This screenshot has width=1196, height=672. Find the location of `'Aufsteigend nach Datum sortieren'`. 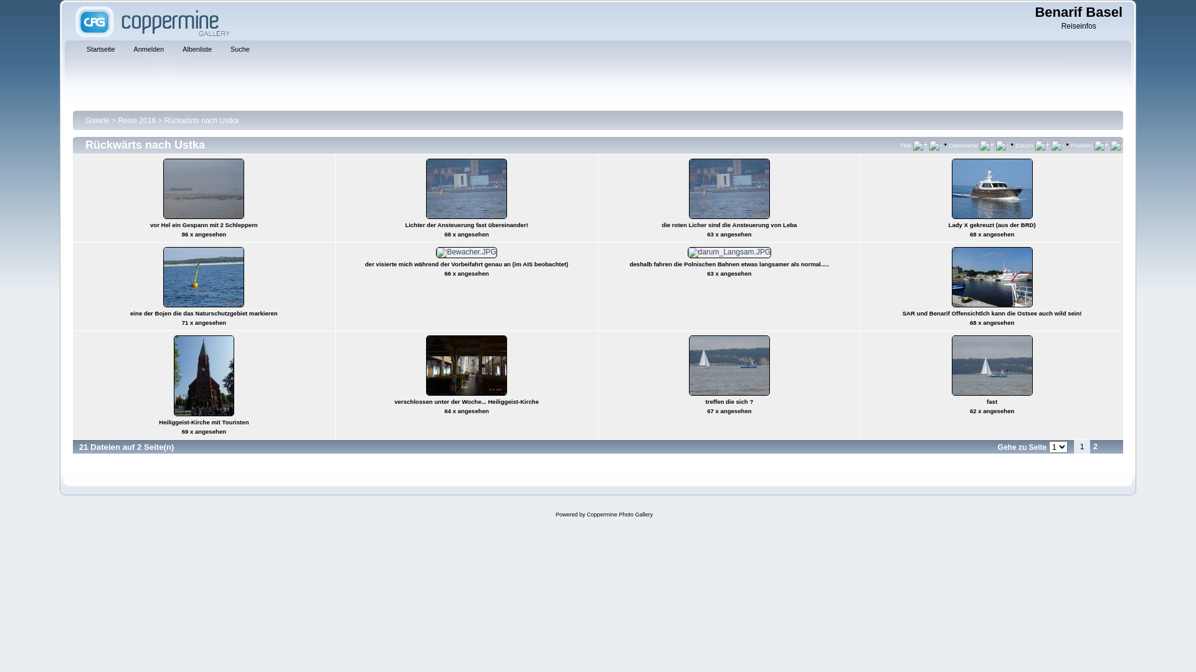

'Aufsteigend nach Datum sortieren' is located at coordinates (1042, 144).